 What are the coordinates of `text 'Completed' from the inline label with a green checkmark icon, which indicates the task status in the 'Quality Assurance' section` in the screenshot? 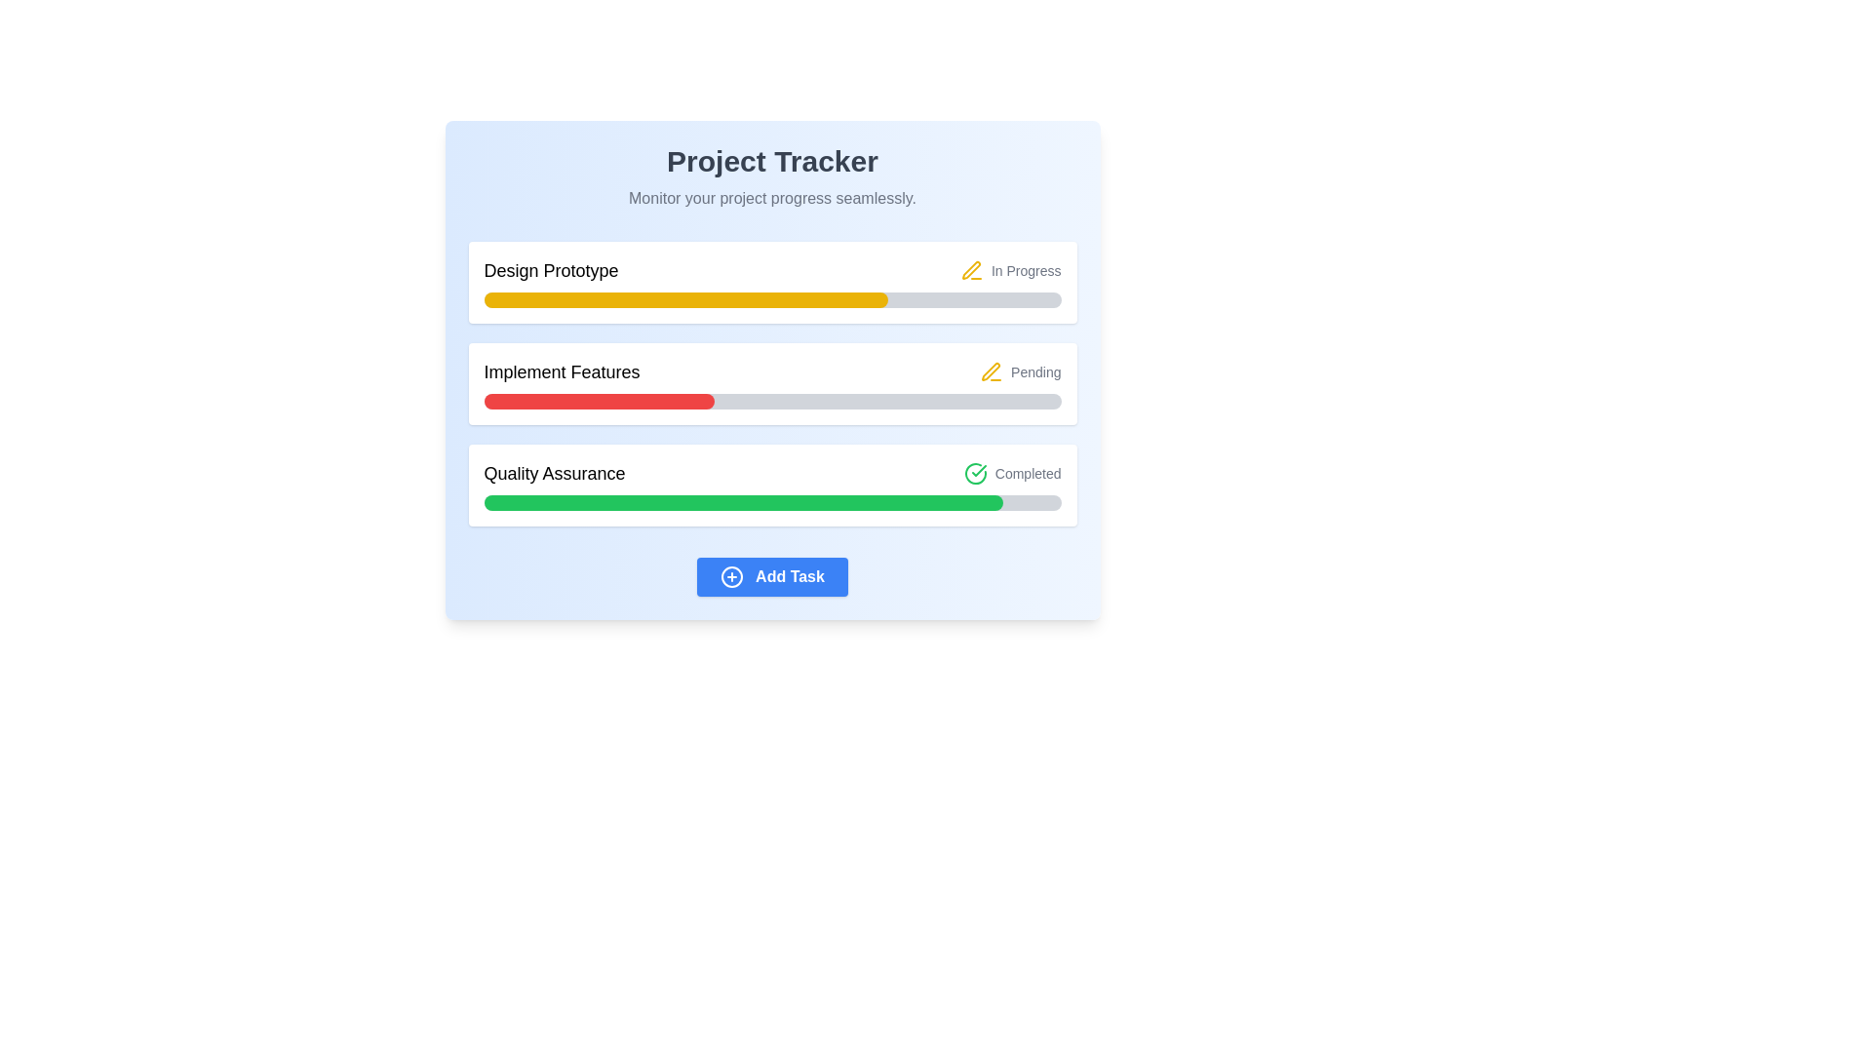 It's located at (1012, 474).